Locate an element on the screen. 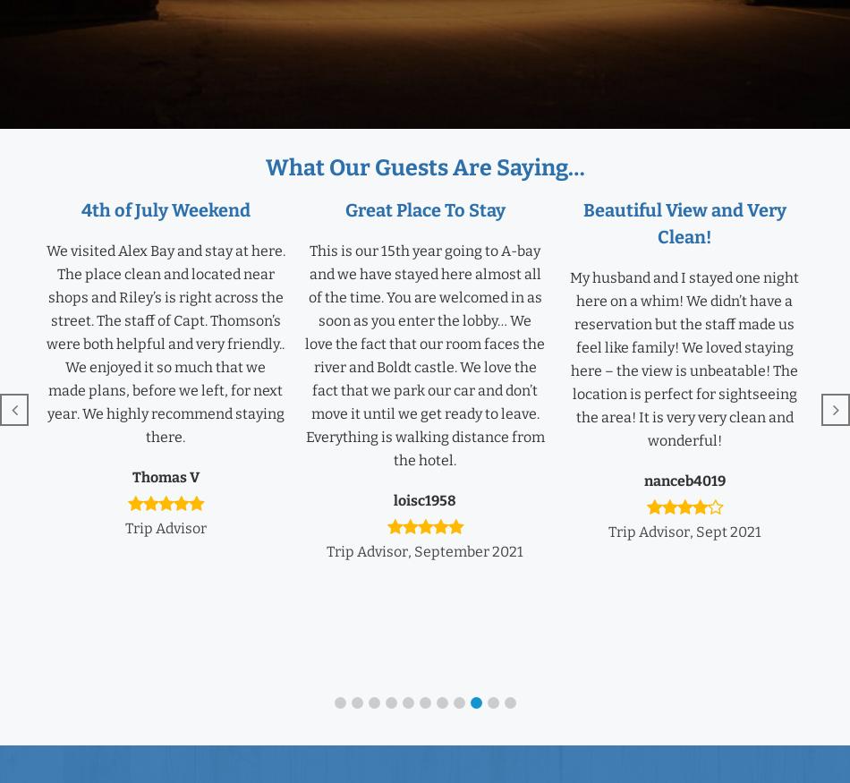 The height and width of the screenshot is (783, 850). 'Thomas V' is located at coordinates (165, 476).